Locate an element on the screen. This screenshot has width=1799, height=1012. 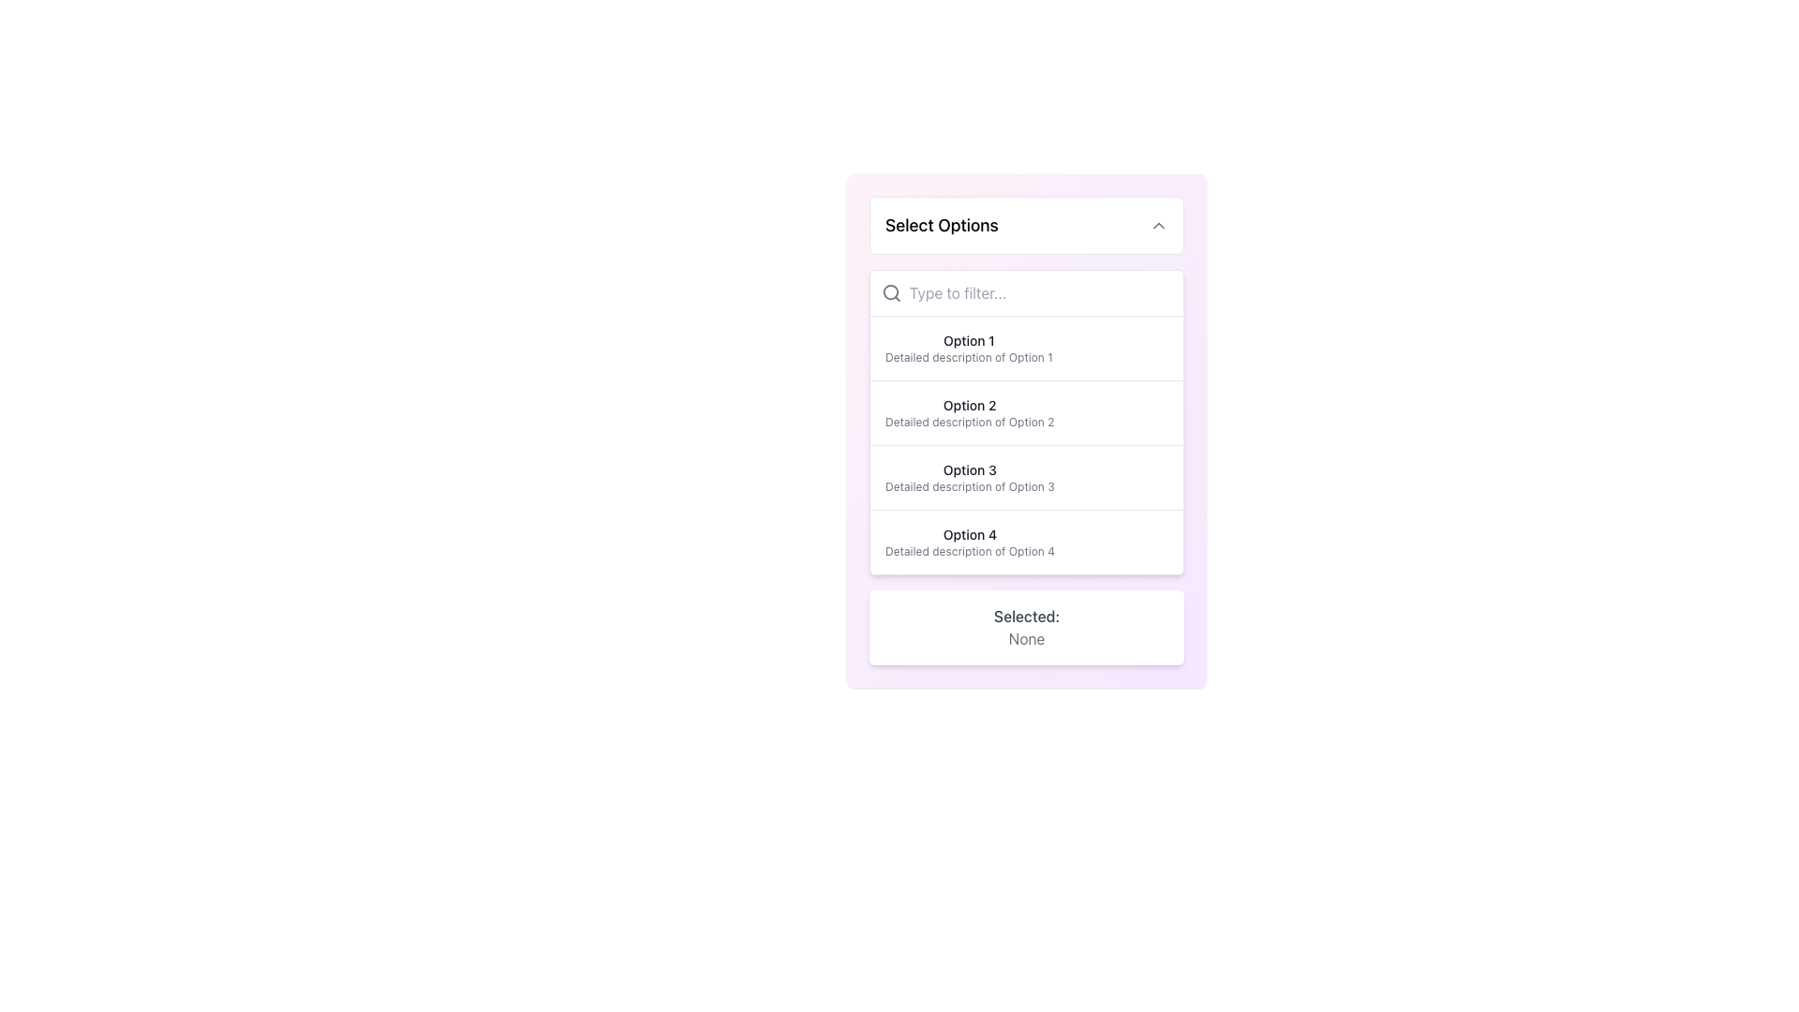
the text label 'Option 3' which is a medium weight, dark gray colored label positioned within the third item of a vertical list is located at coordinates (970, 469).